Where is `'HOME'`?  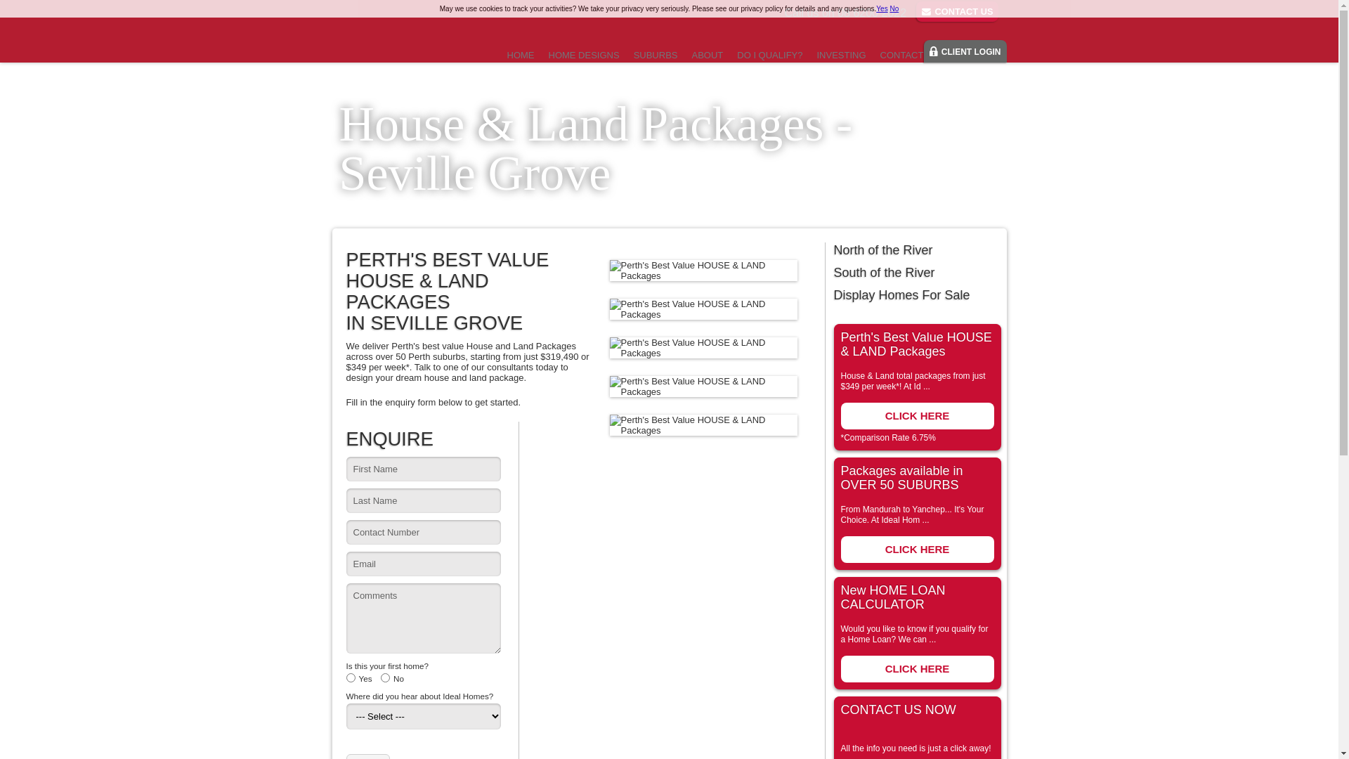
'HOME' is located at coordinates (520, 54).